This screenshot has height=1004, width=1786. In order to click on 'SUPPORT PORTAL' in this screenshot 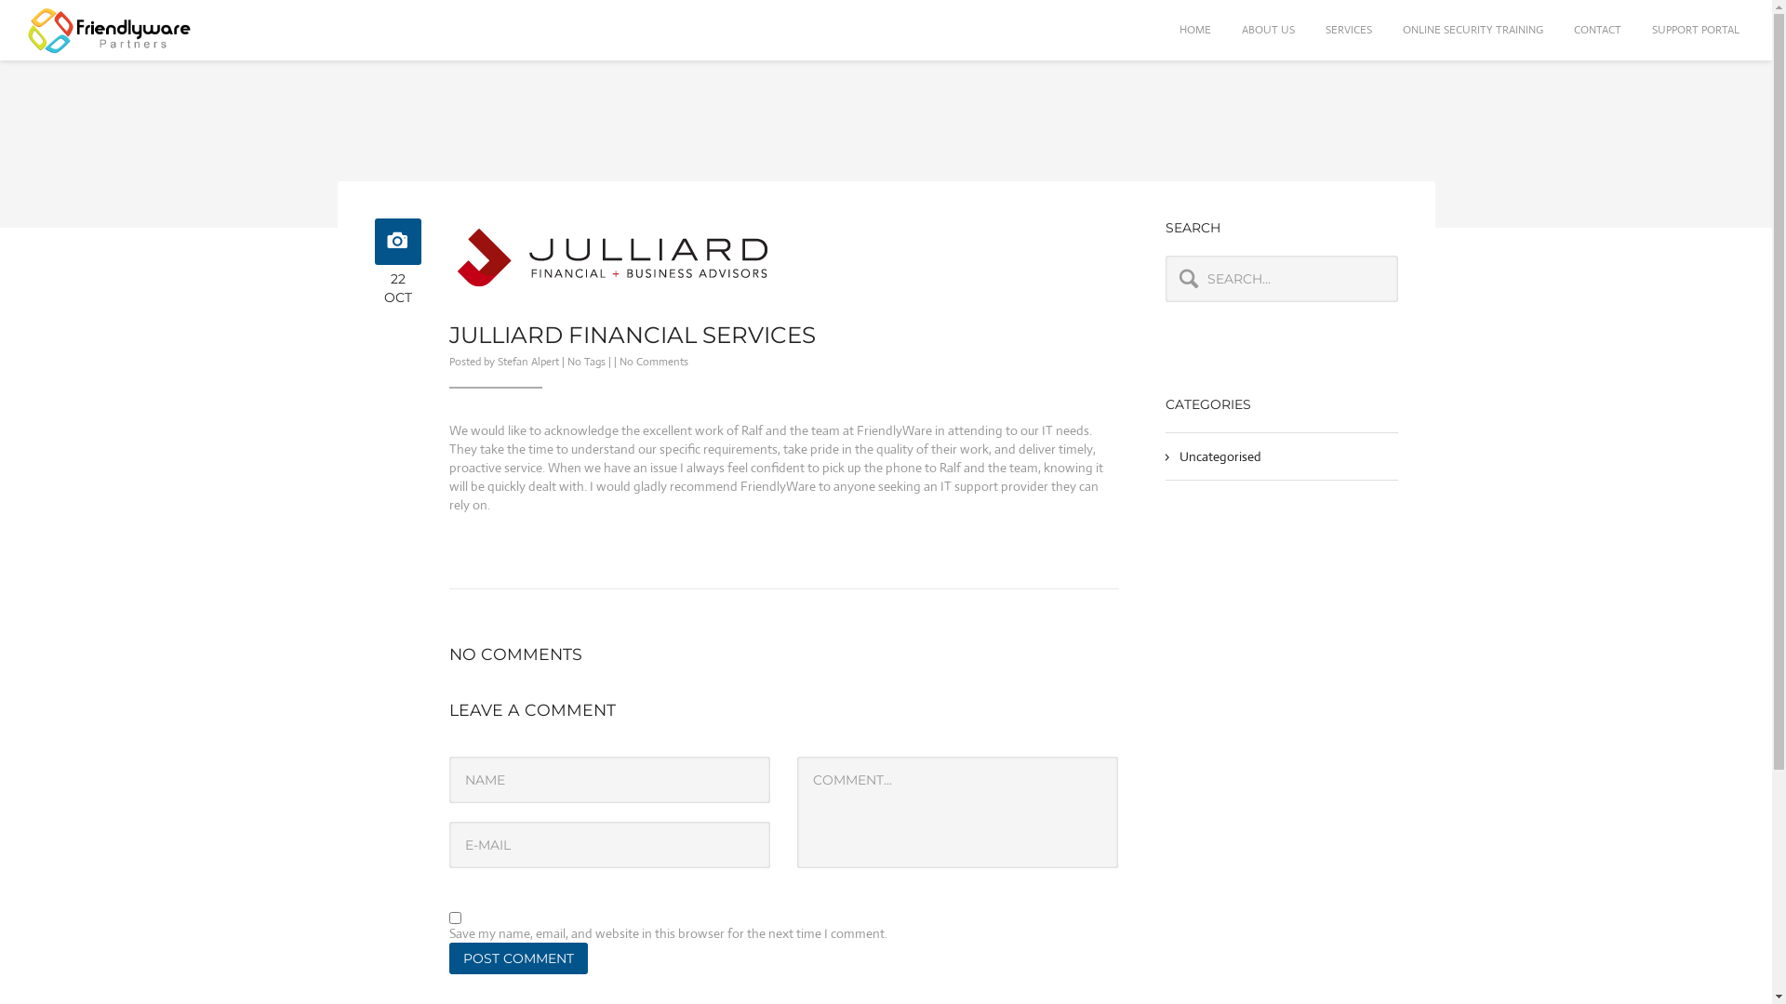, I will do `click(1638, 30)`.